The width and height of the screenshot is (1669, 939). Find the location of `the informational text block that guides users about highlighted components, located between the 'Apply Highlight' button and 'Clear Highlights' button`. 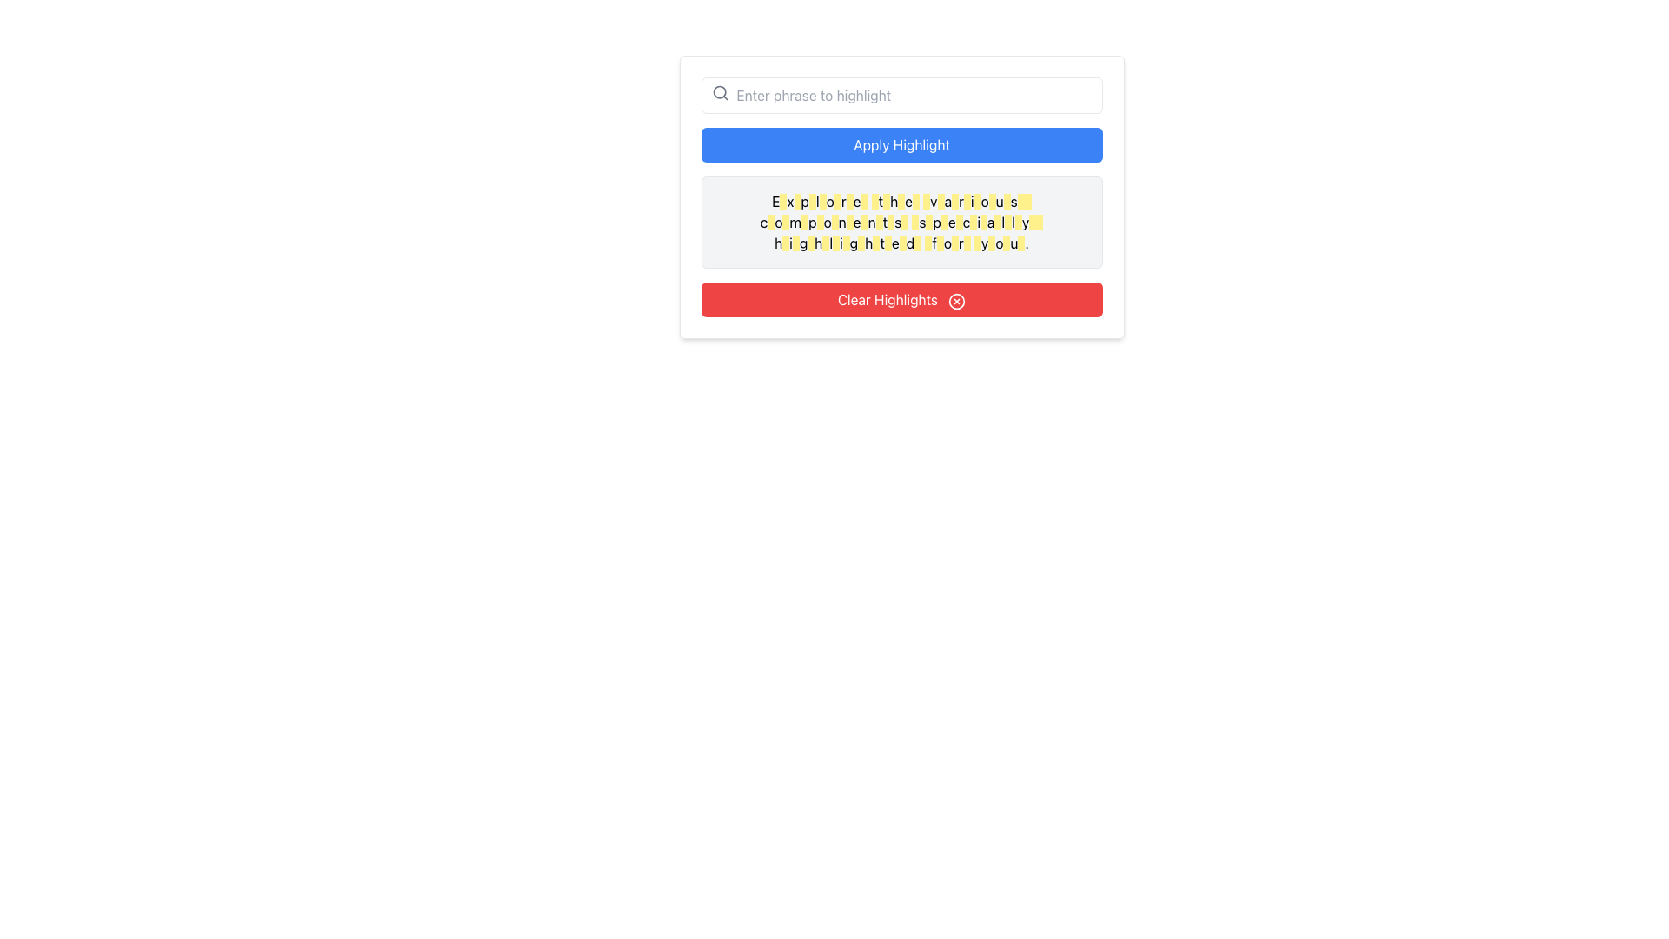

the informational text block that guides users about highlighted components, located between the 'Apply Highlight' button and 'Clear Highlights' button is located at coordinates (901, 196).